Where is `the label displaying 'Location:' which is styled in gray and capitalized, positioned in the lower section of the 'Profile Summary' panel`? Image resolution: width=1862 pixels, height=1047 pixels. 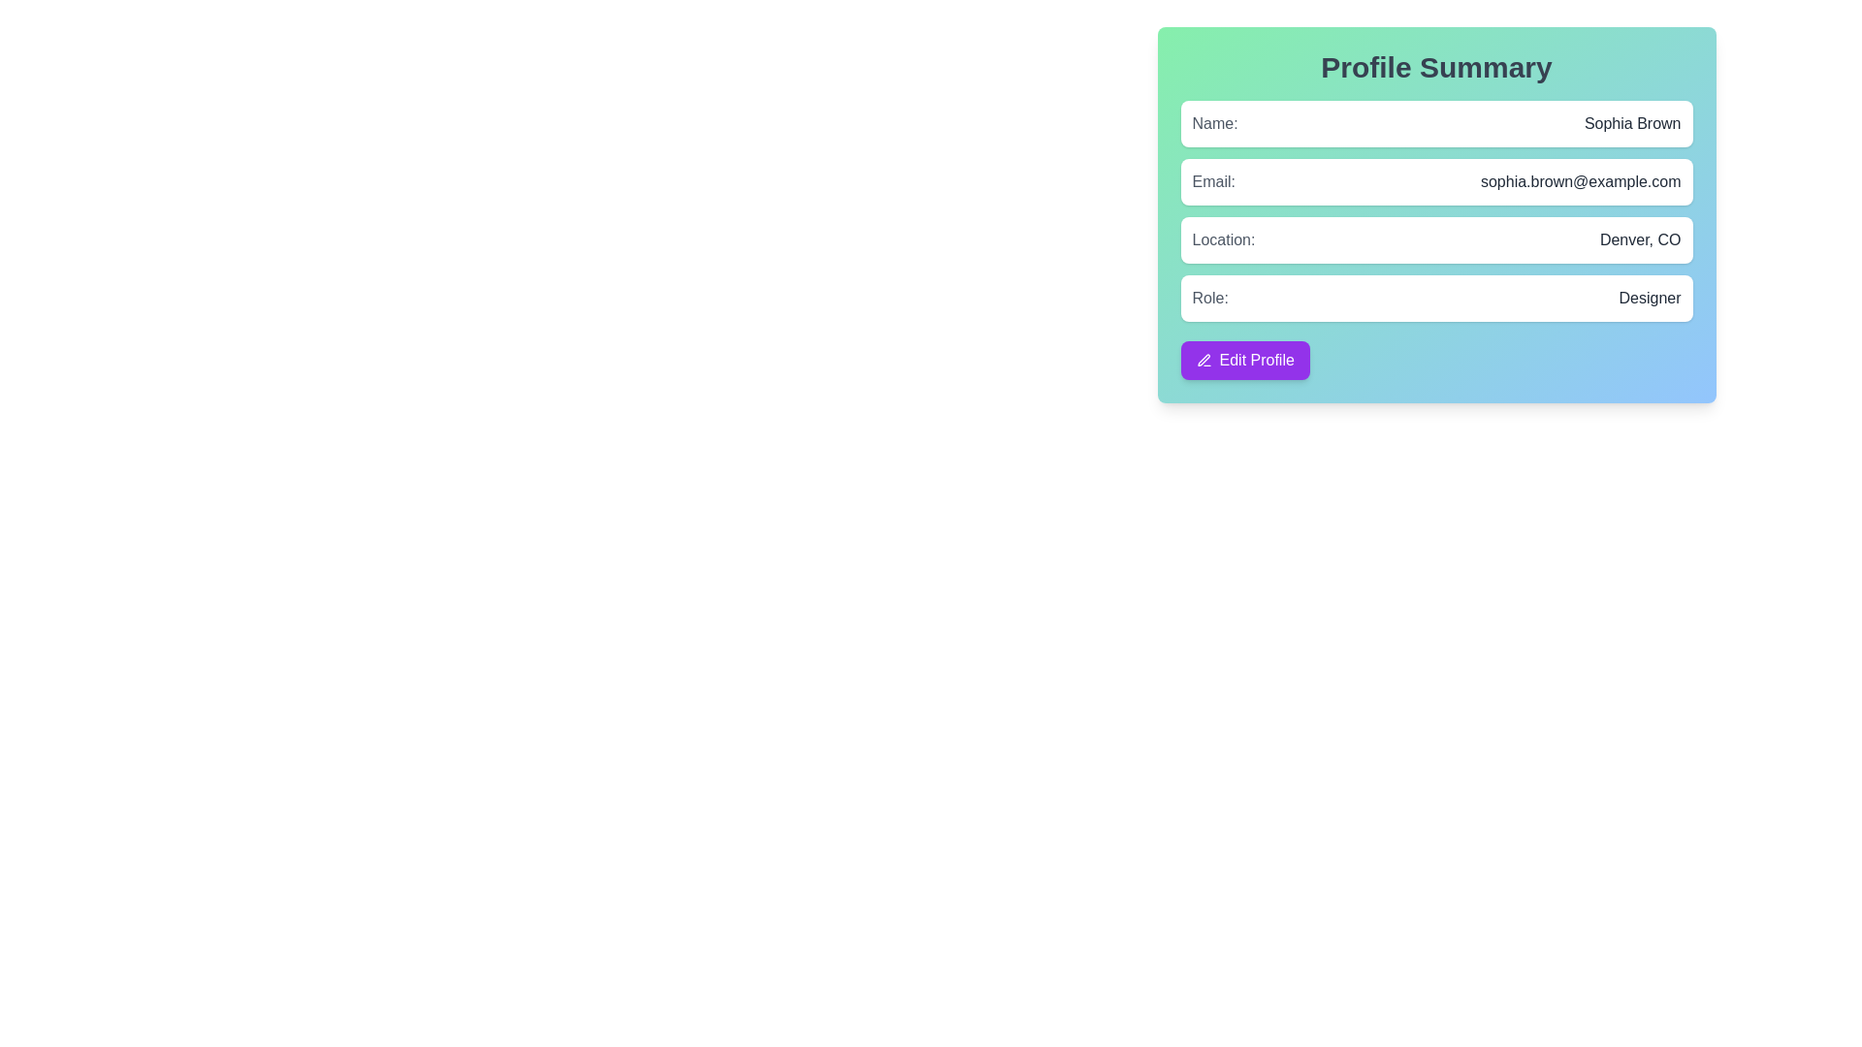 the label displaying 'Location:' which is styled in gray and capitalized, positioned in the lower section of the 'Profile Summary' panel is located at coordinates (1223, 238).